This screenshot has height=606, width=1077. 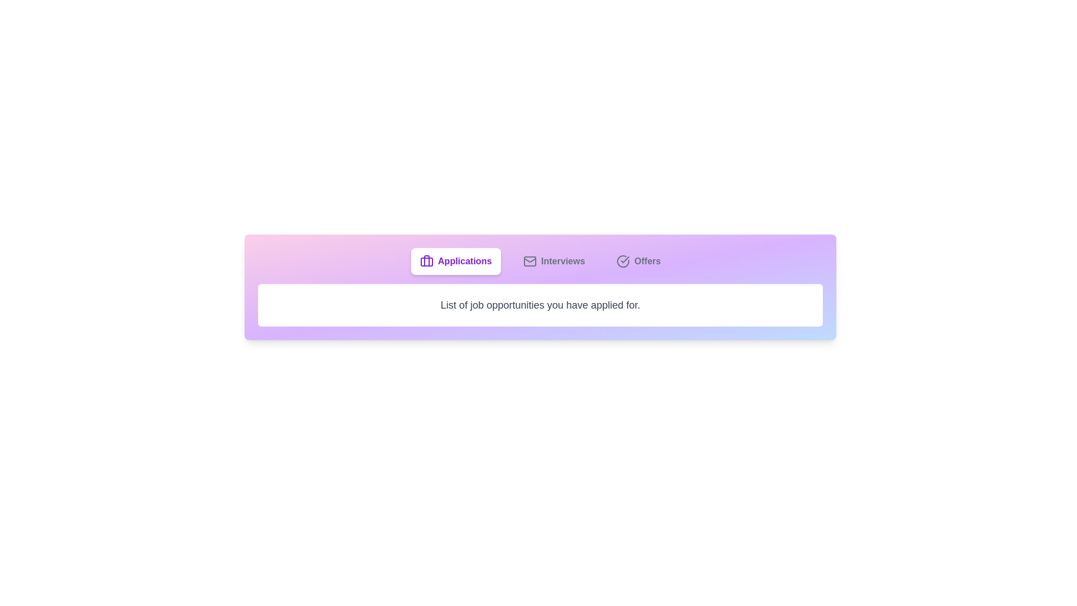 What do you see at coordinates (455, 261) in the screenshot?
I see `the 'Applications' tab to view applied jobs` at bounding box center [455, 261].